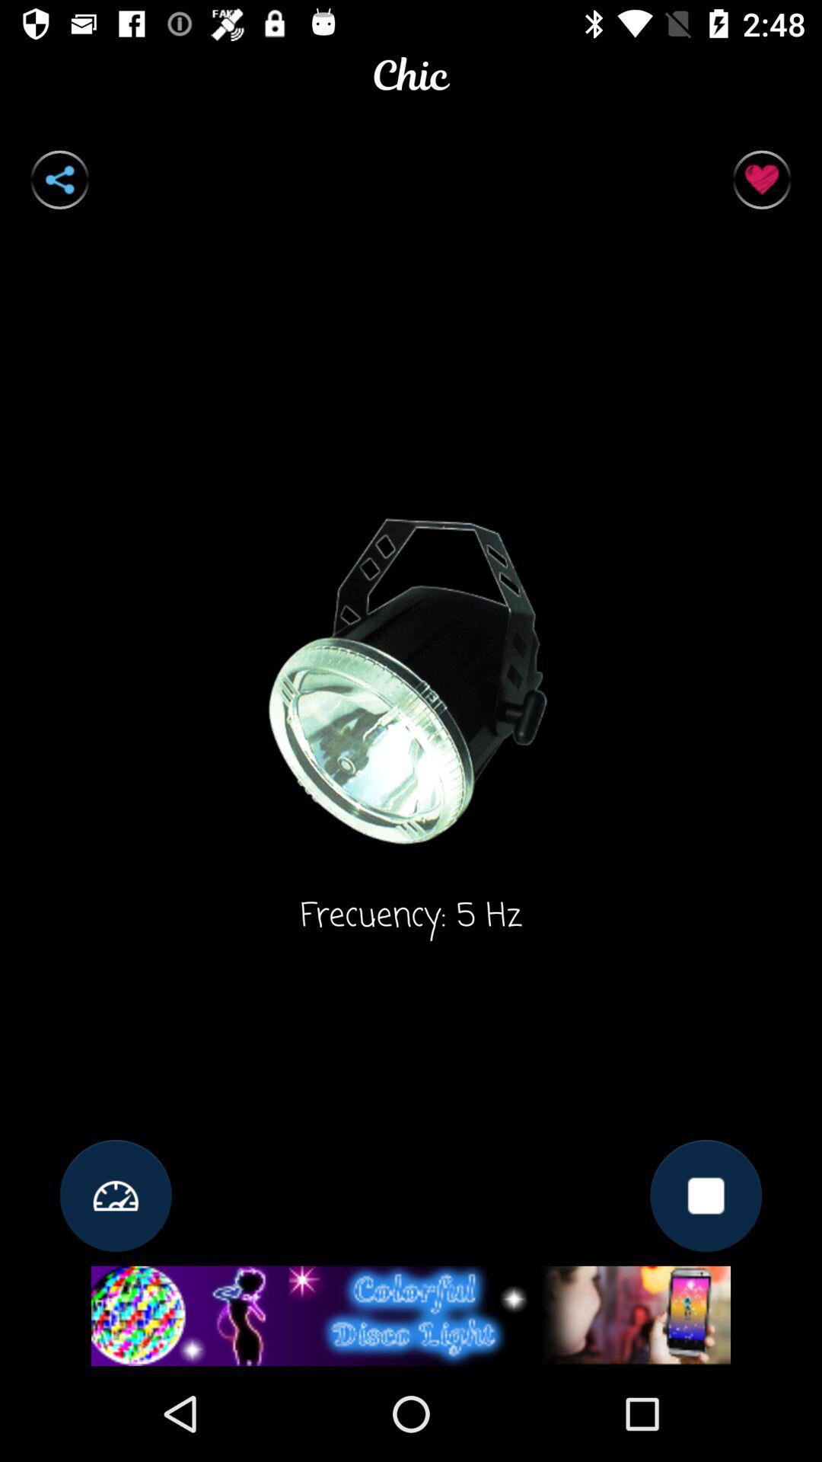 The height and width of the screenshot is (1462, 822). I want to click on the share icon, so click(59, 180).